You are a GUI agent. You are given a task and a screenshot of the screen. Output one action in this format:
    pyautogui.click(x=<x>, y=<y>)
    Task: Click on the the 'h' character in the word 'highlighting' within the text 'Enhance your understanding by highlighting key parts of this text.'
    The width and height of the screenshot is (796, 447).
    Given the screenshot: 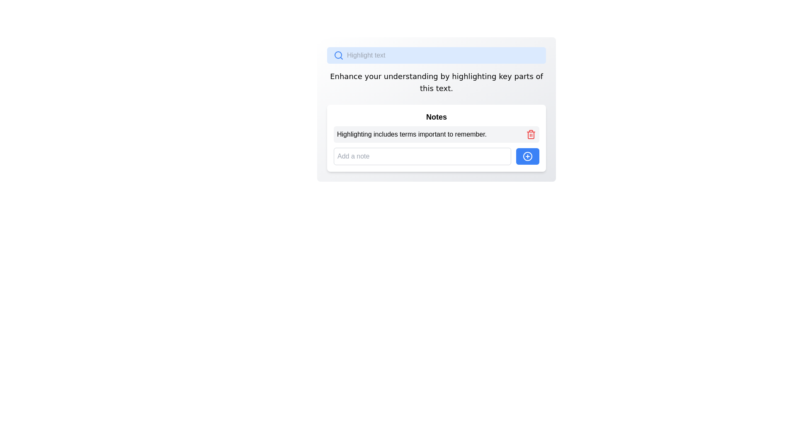 What is the action you would take?
    pyautogui.click(x=479, y=76)
    